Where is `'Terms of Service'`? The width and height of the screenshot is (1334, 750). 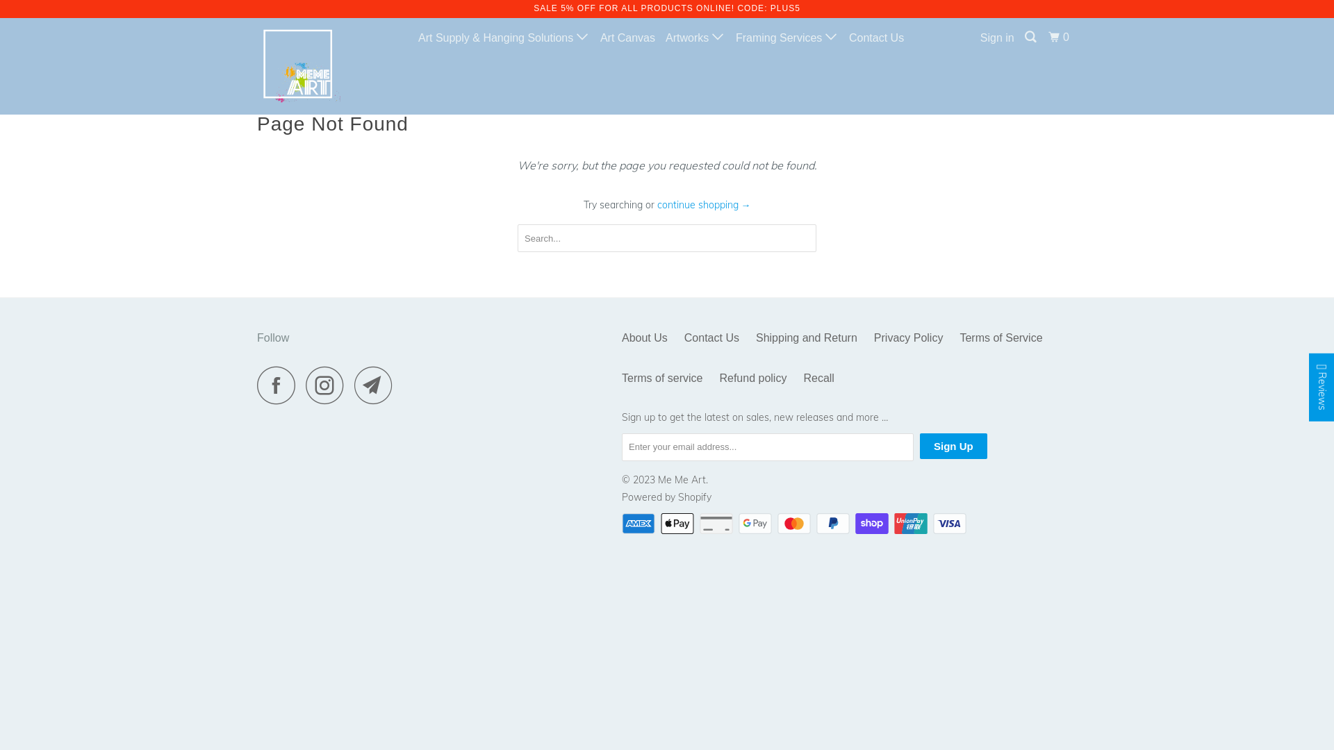
'Terms of Service' is located at coordinates (1000, 337).